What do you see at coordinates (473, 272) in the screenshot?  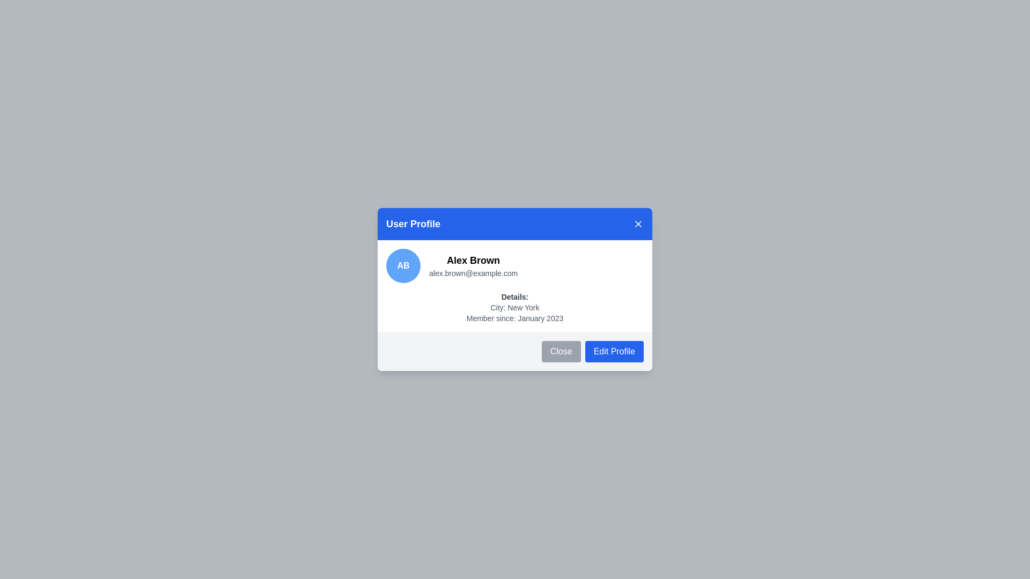 I see `the static text element displaying an email address, which is styled in a smaller font size and light gray color, positioned below the name 'Alex Brown'` at bounding box center [473, 272].